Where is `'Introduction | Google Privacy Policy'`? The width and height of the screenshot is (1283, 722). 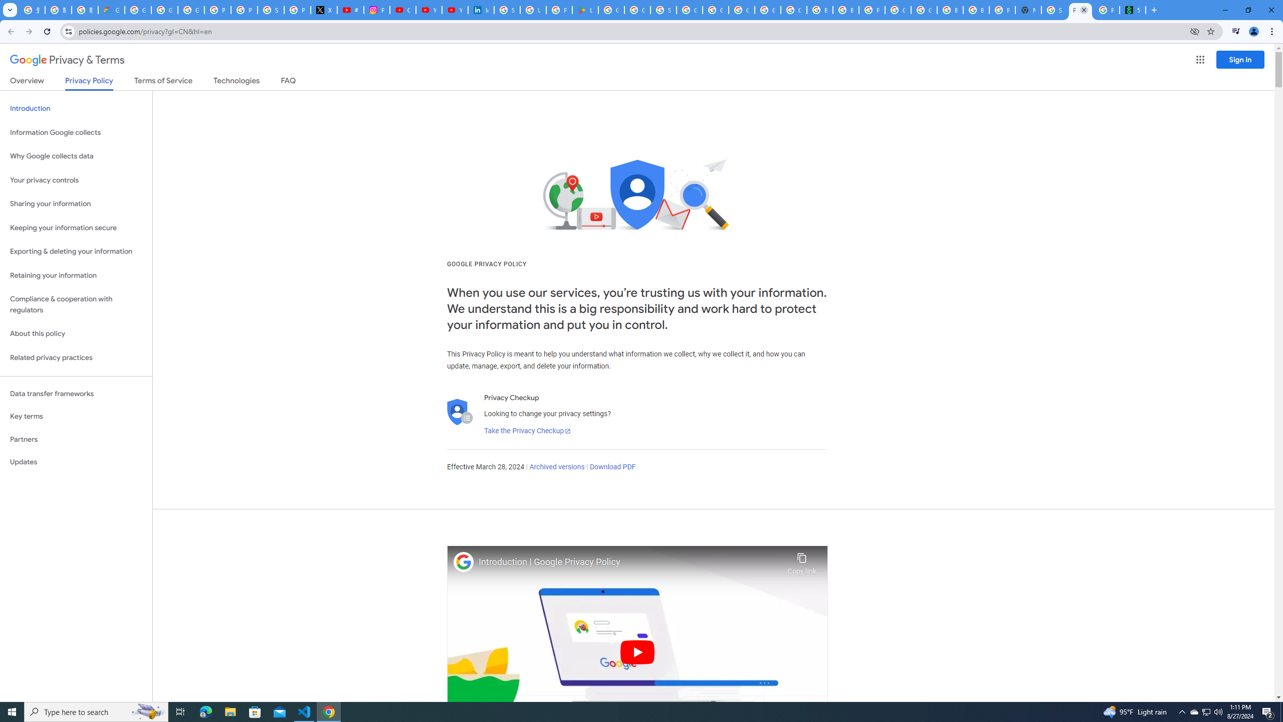 'Introduction | Google Privacy Policy' is located at coordinates (630, 562).